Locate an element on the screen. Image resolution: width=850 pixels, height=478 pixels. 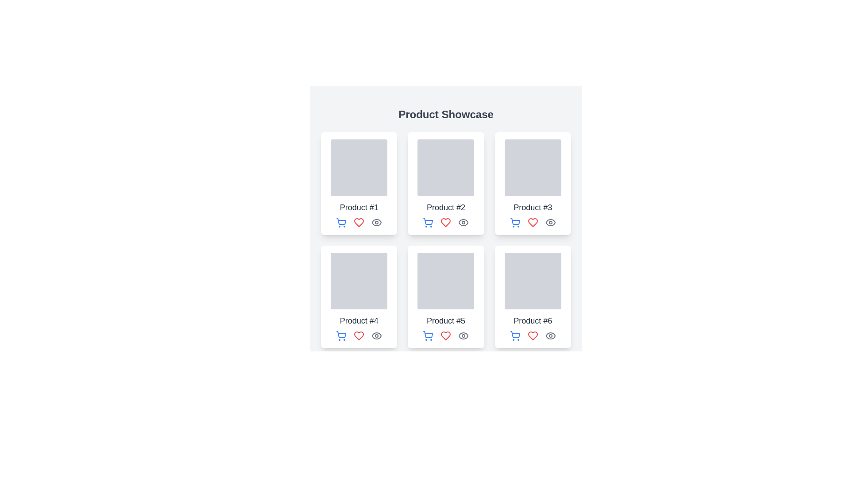
the product card representing 'Product #6' located in the second row and third column of the grid layout is located at coordinates (532, 297).